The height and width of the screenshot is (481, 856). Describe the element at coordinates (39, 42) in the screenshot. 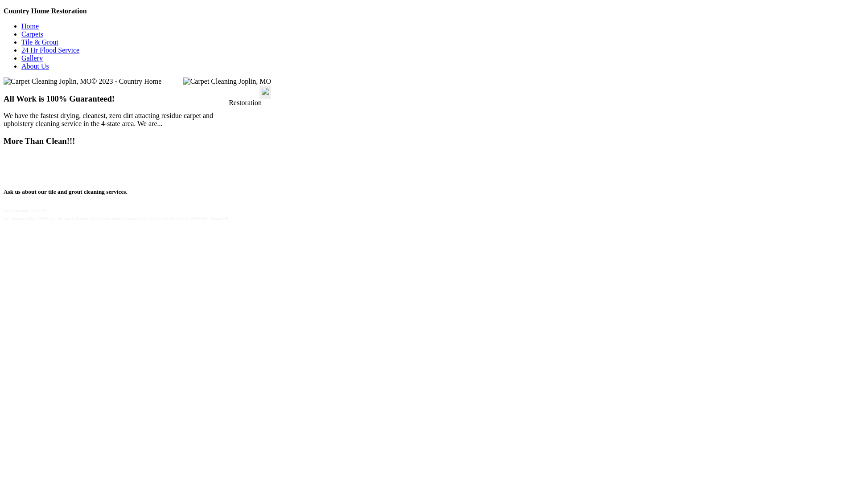

I see `'Tile & Grout'` at that location.